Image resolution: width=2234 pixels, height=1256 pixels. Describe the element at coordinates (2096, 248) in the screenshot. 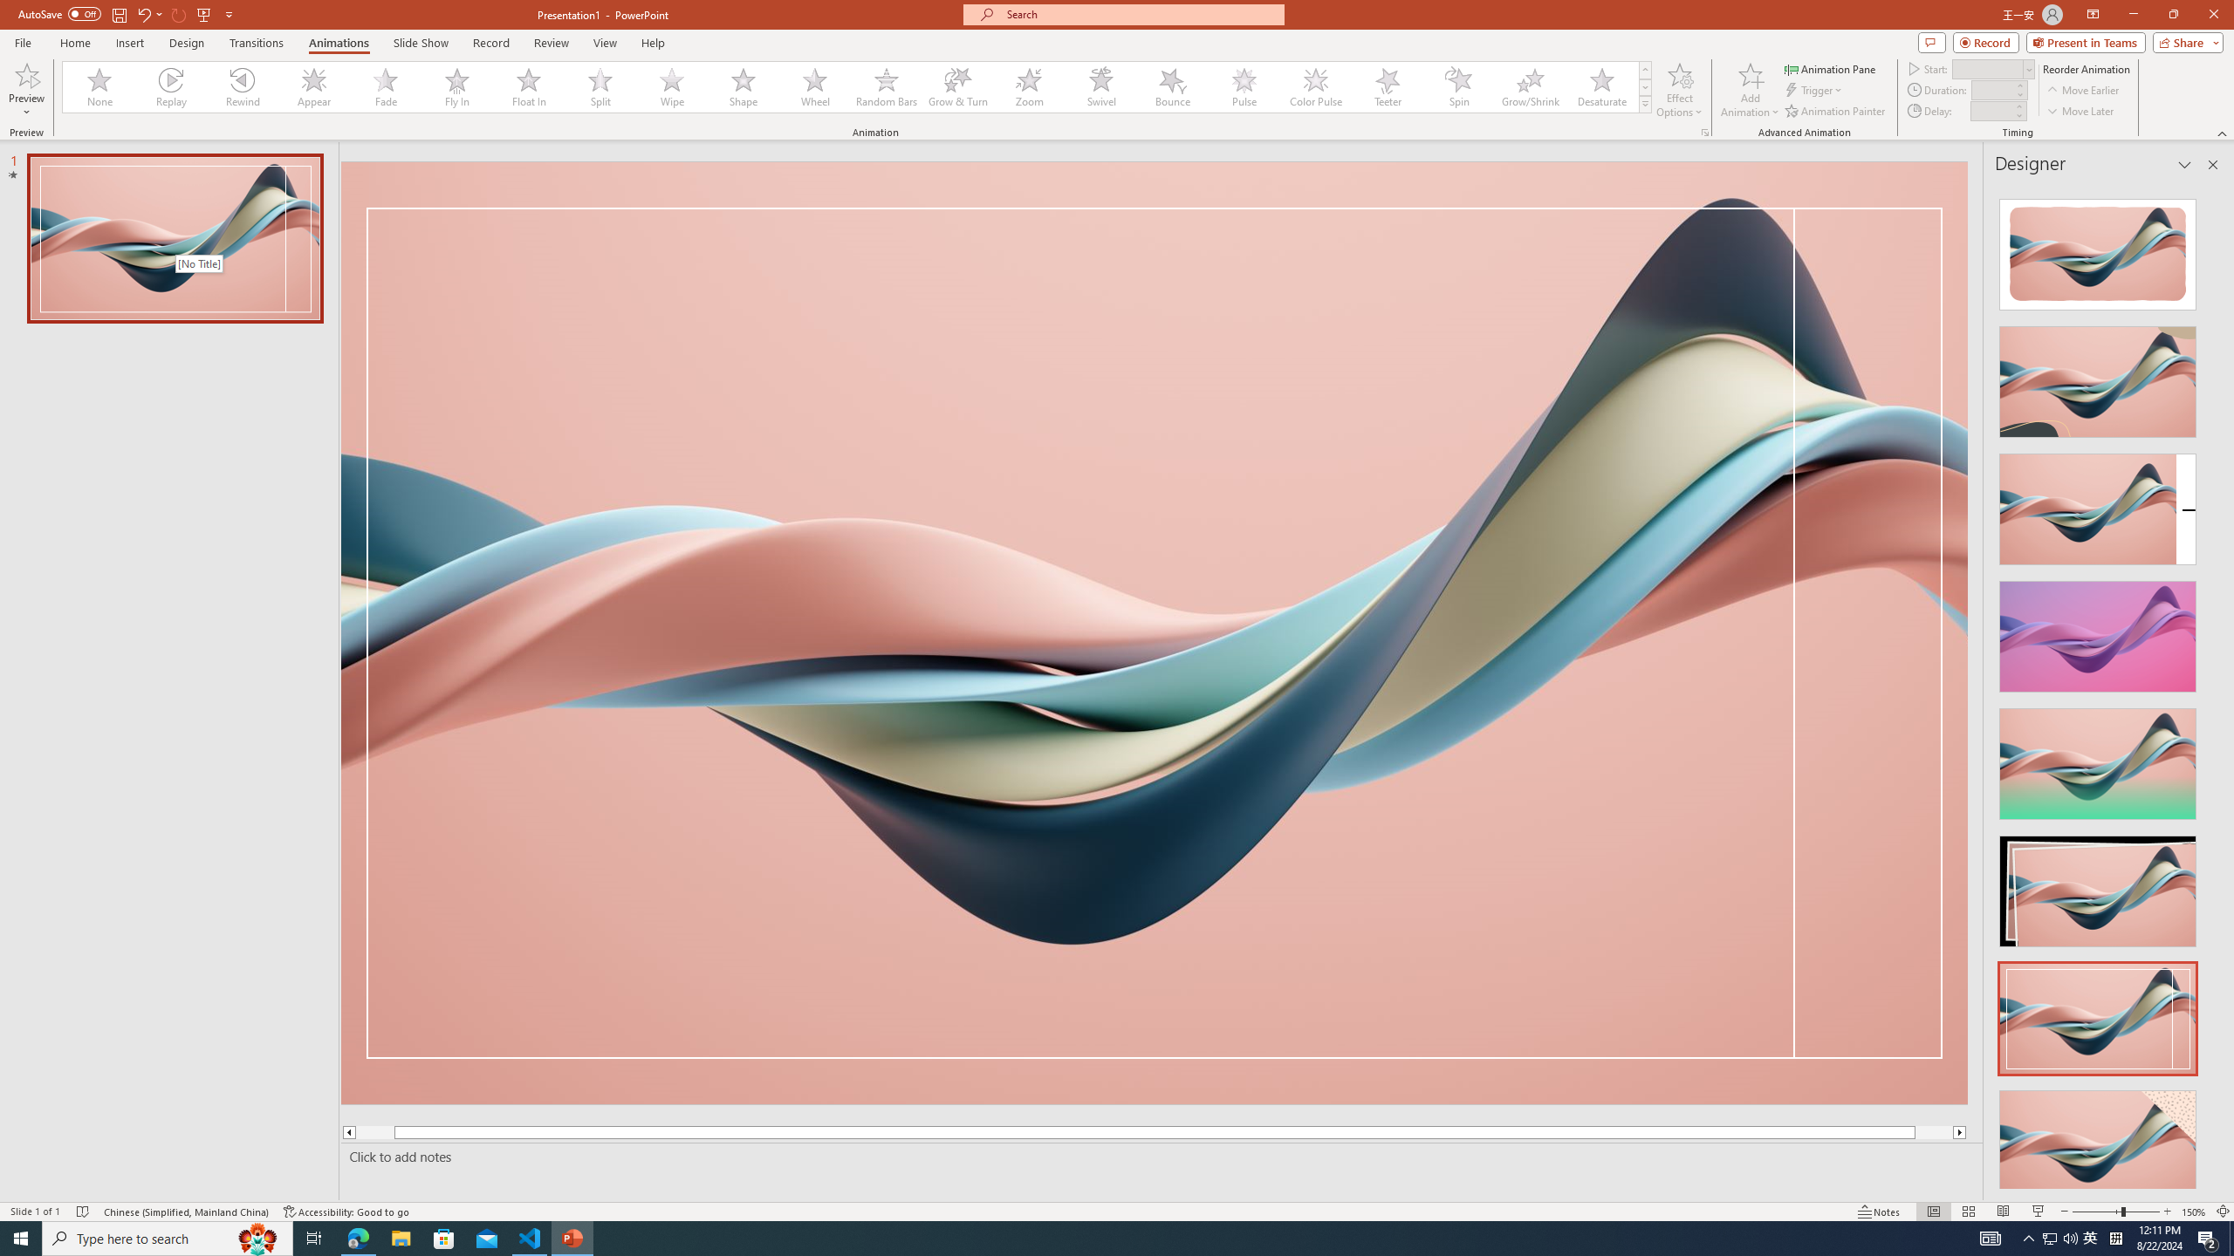

I see `'Recommended Design: Design Idea'` at that location.